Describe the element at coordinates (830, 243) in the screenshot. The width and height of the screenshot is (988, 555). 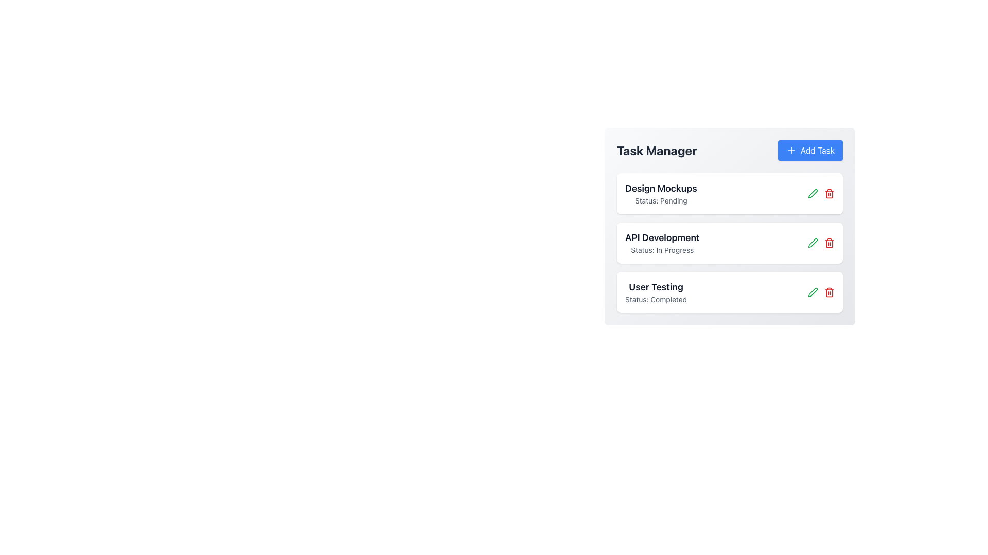
I see `the red trash bin icon button associated with the 'API Development' task` at that location.